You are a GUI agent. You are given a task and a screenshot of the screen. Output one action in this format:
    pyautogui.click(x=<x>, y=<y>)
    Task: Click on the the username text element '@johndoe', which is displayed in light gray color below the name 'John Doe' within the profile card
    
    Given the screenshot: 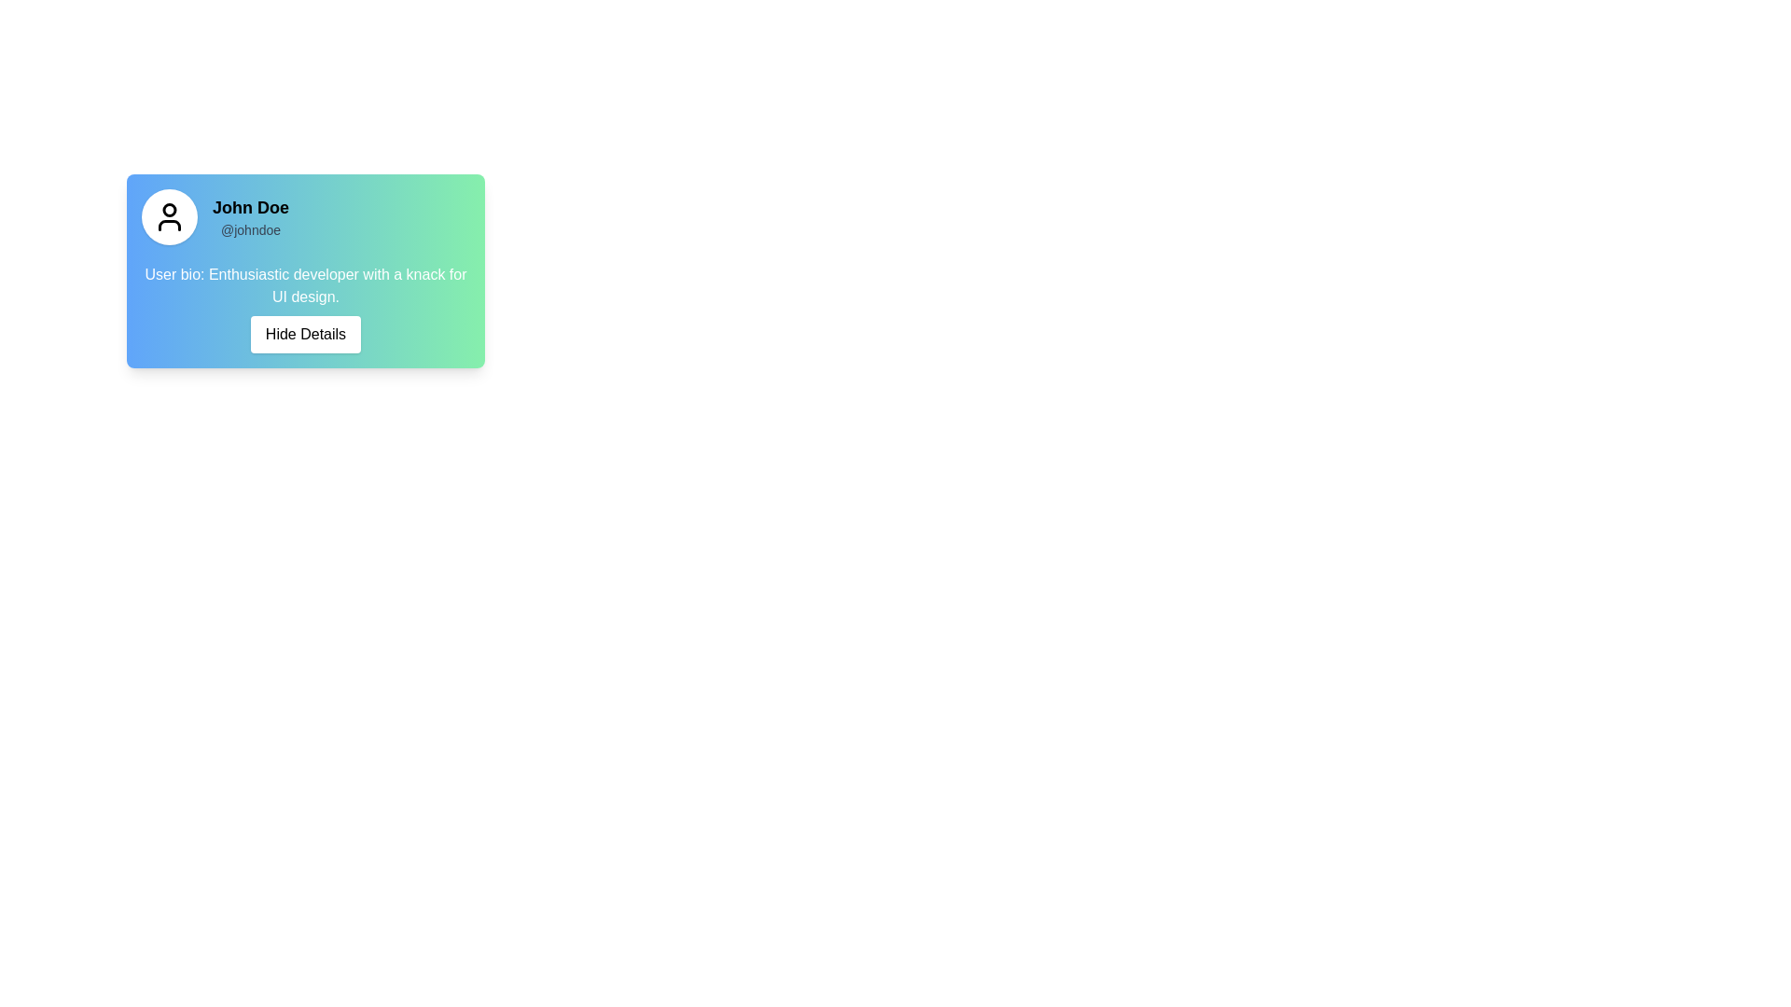 What is the action you would take?
    pyautogui.click(x=249, y=228)
    